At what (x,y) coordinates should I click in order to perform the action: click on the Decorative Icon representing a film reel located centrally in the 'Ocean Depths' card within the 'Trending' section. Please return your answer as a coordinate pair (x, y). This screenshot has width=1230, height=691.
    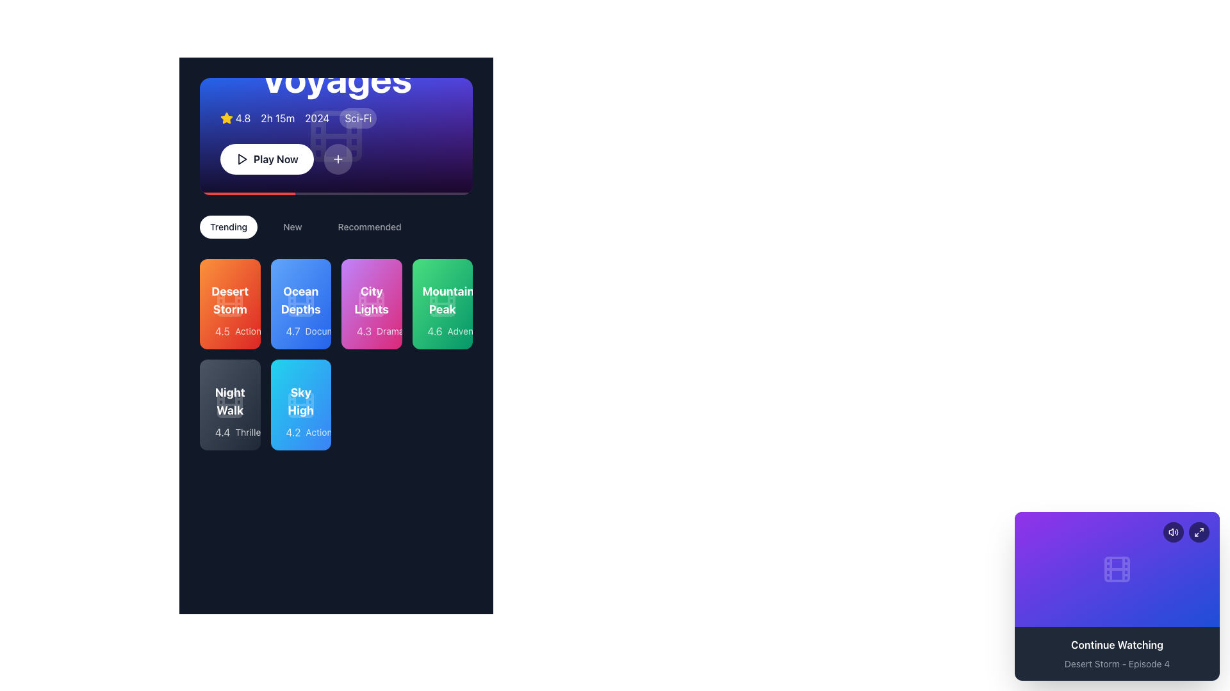
    Looking at the image, I should click on (300, 304).